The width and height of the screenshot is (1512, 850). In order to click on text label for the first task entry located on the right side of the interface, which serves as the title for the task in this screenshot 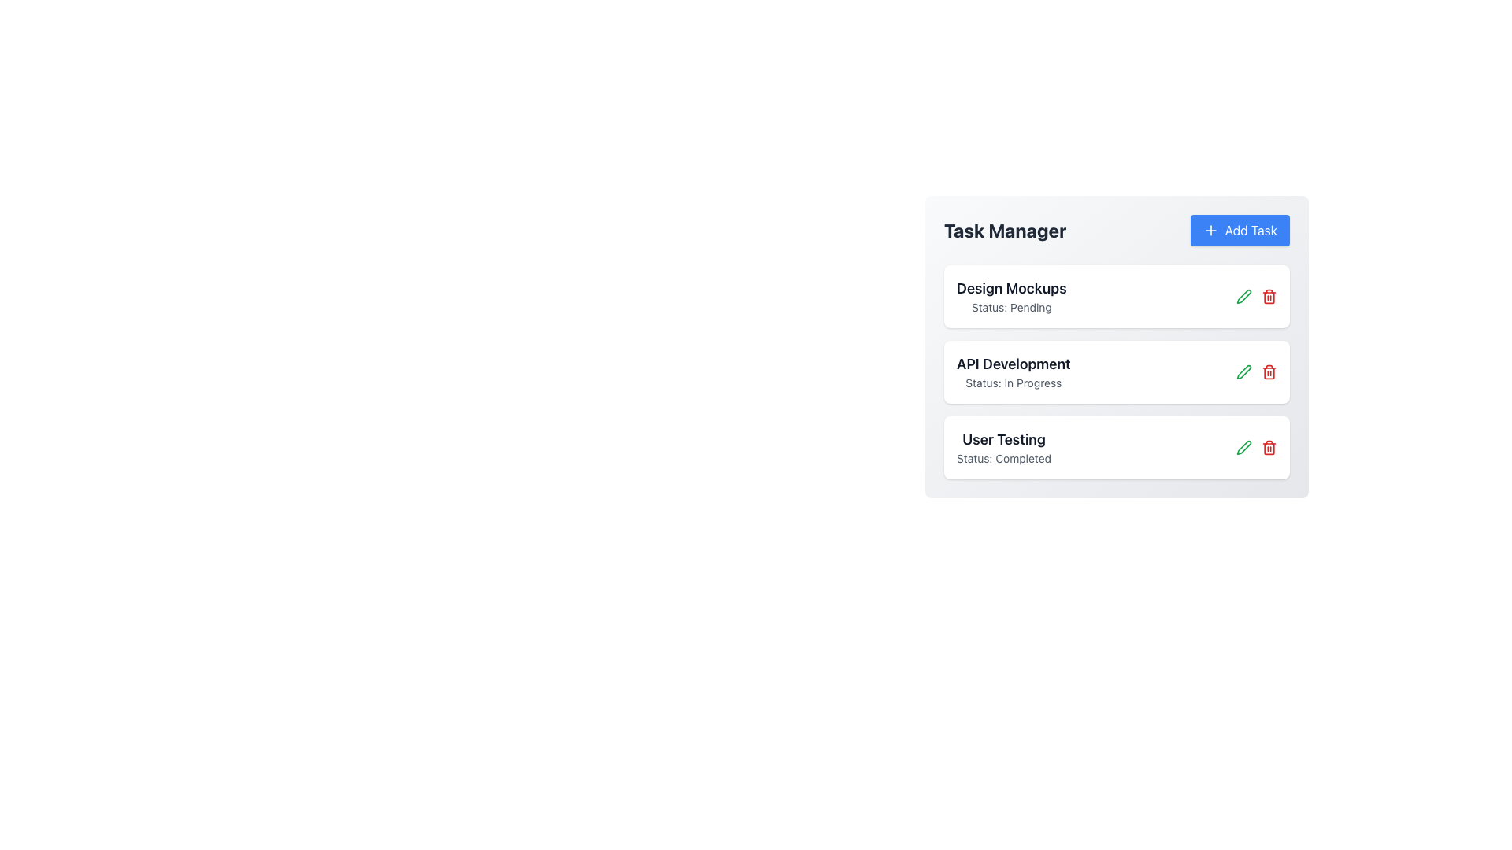, I will do `click(1011, 288)`.